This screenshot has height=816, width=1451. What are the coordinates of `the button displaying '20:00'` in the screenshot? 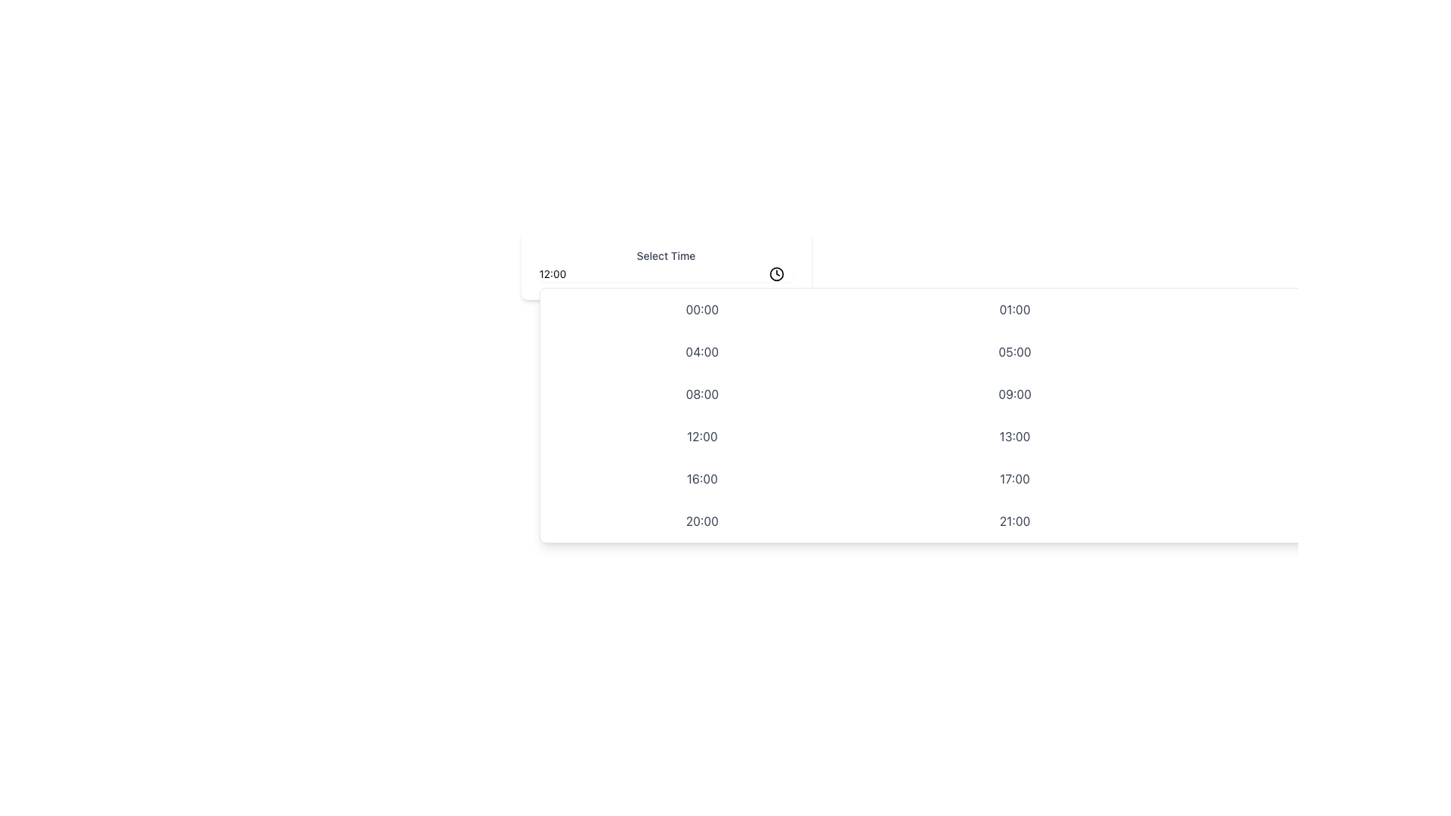 It's located at (701, 521).